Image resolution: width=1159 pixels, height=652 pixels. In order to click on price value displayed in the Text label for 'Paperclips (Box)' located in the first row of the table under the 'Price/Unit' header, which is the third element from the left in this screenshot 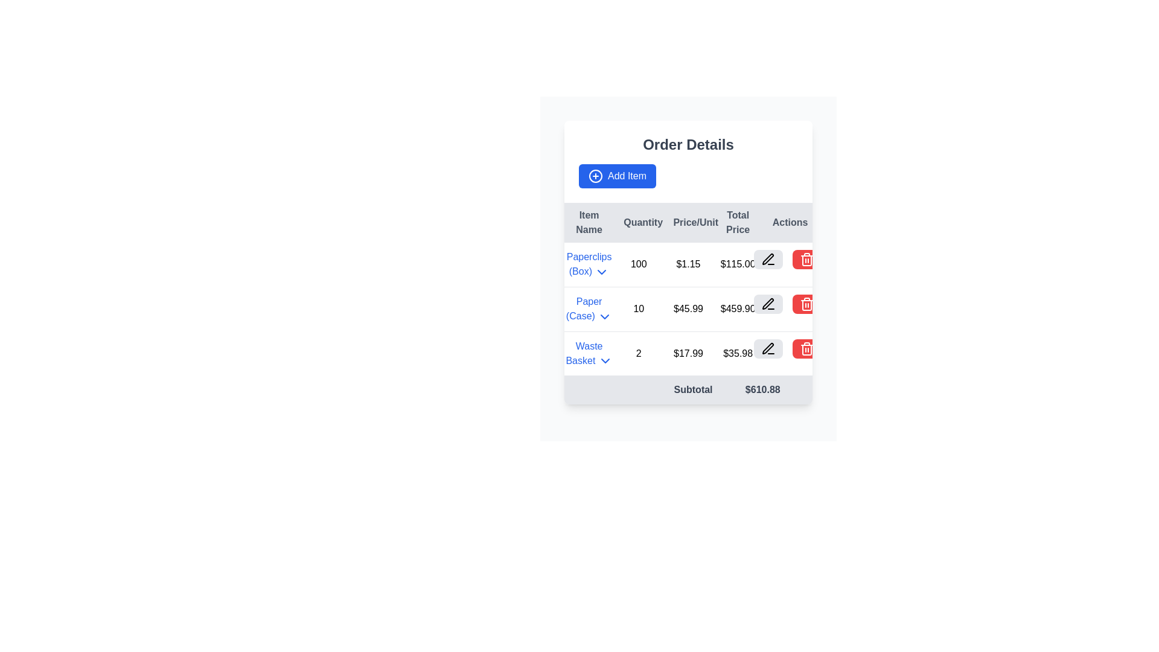, I will do `click(688, 264)`.